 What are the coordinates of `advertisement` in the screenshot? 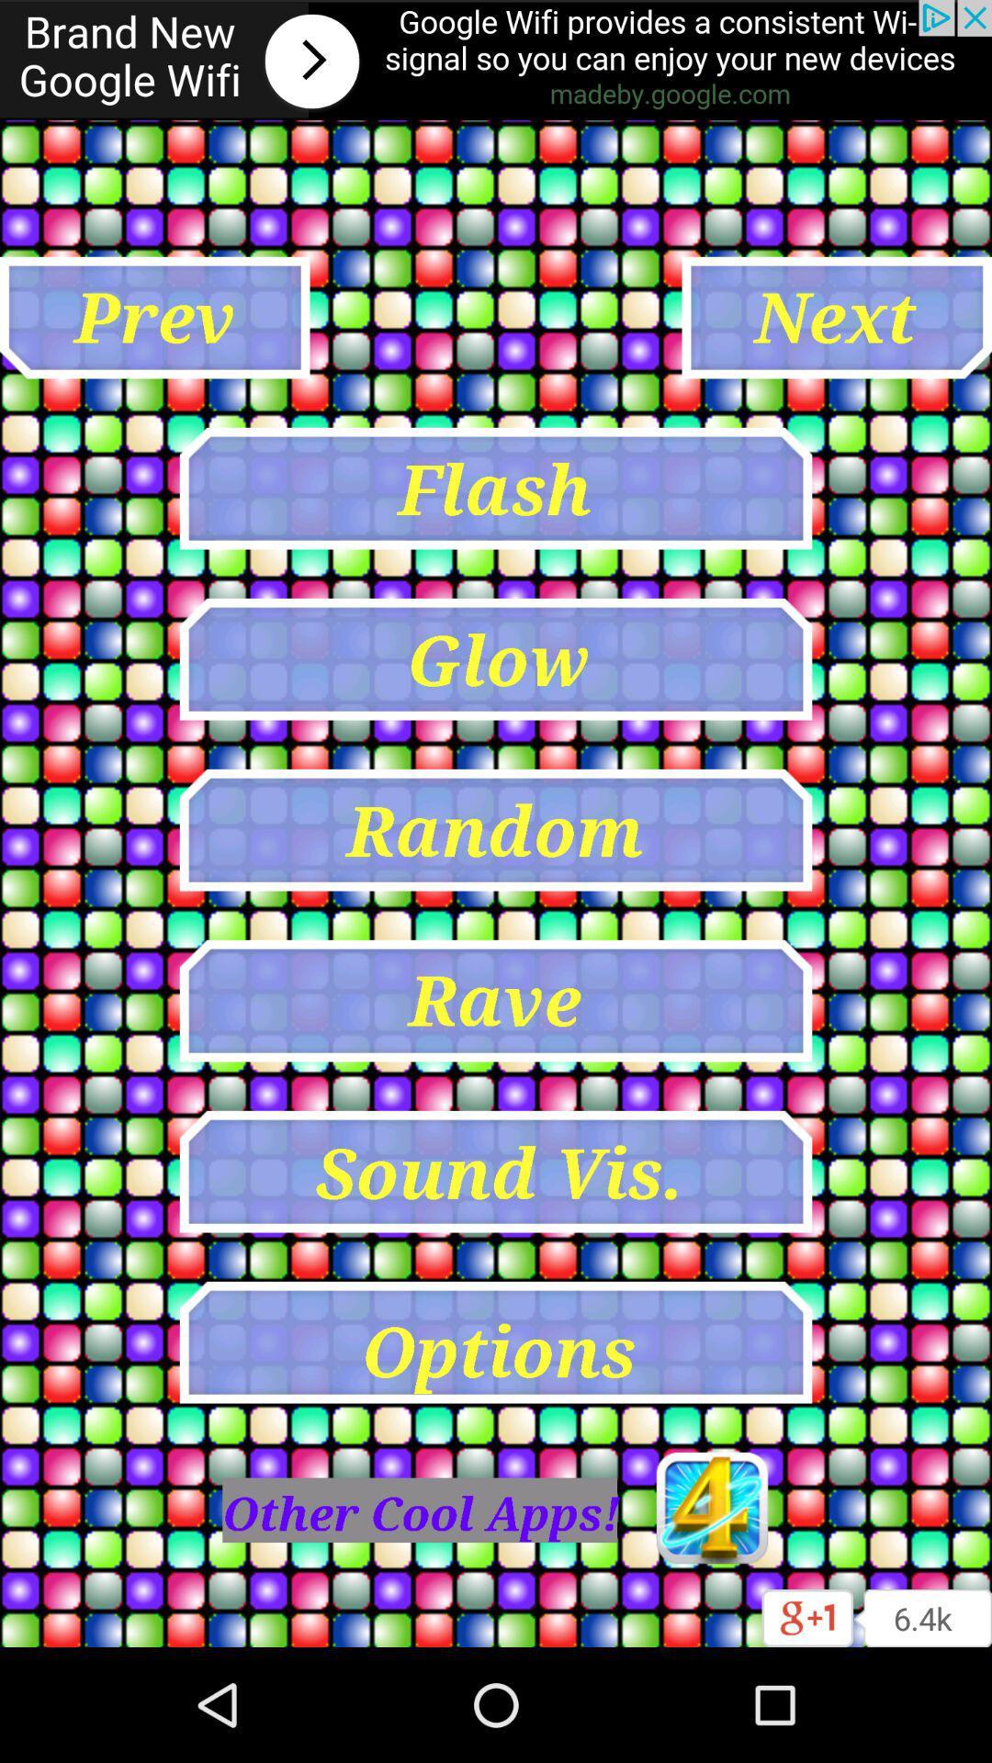 It's located at (496, 60).